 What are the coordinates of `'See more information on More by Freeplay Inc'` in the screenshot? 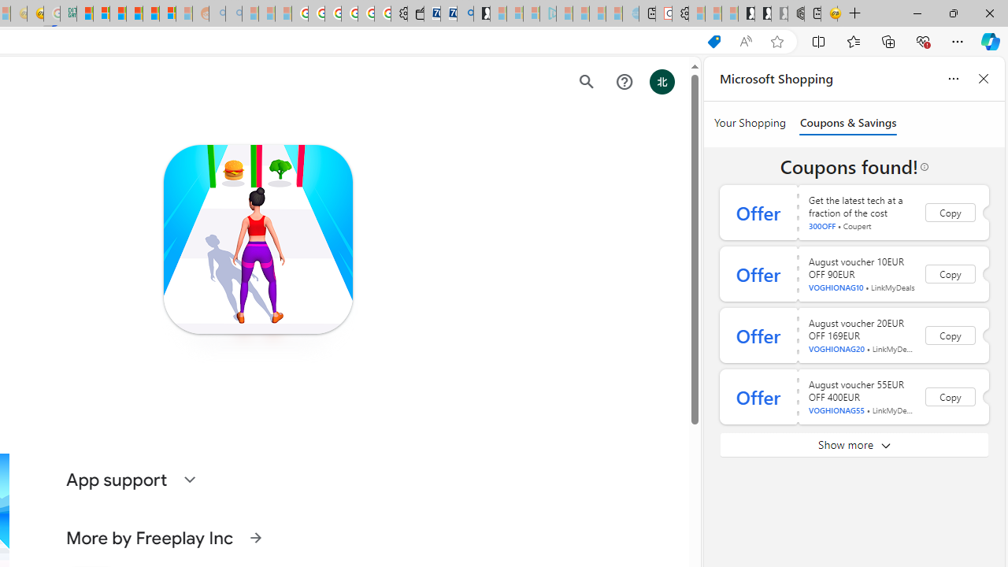 It's located at (255, 536).